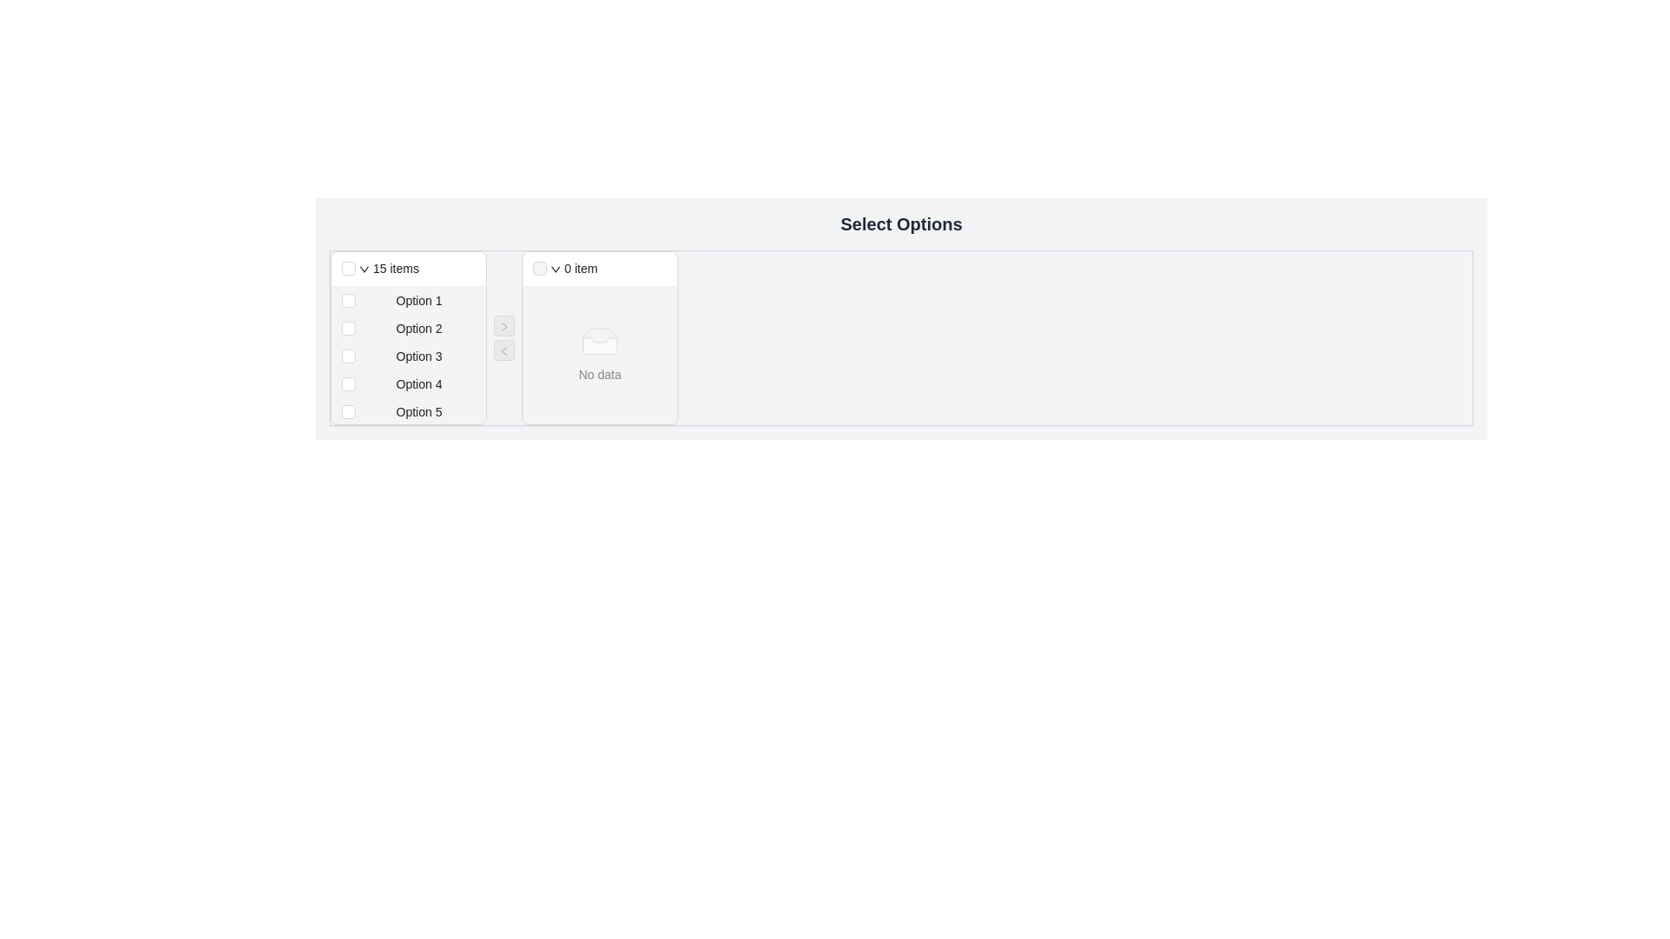 The height and width of the screenshot is (939, 1670). I want to click on the downward arrow-shaped dropdown trigger icon located in the header area of the right-side list section of the transfer component interface, so click(554, 269).